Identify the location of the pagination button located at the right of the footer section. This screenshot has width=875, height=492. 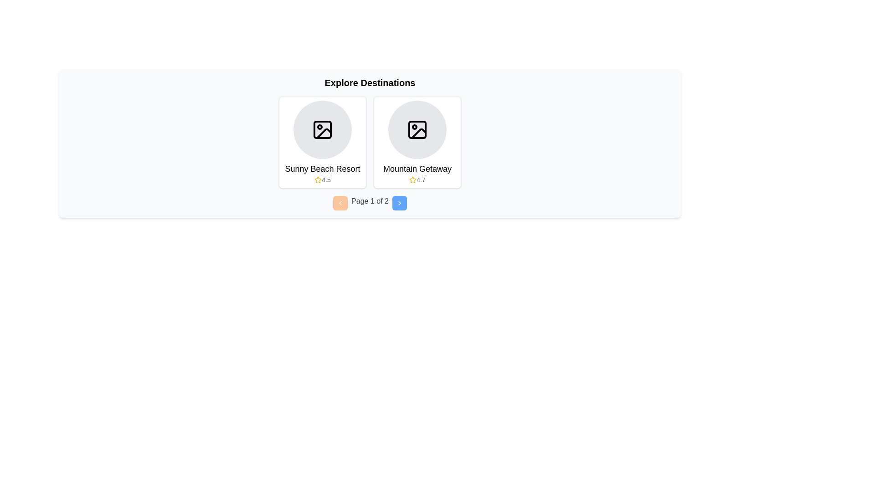
(399, 203).